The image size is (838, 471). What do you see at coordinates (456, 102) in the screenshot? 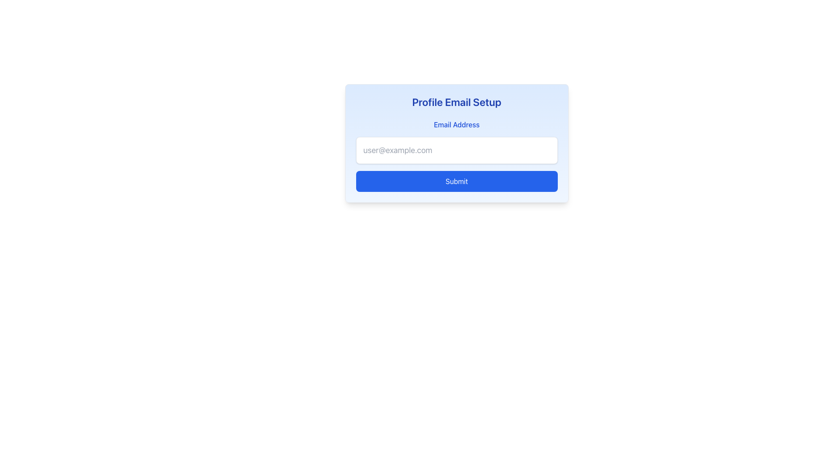
I see `the heading 'Profile Email Setup', which is styled with a bold, large blue font and located at the top of the panel` at bounding box center [456, 102].